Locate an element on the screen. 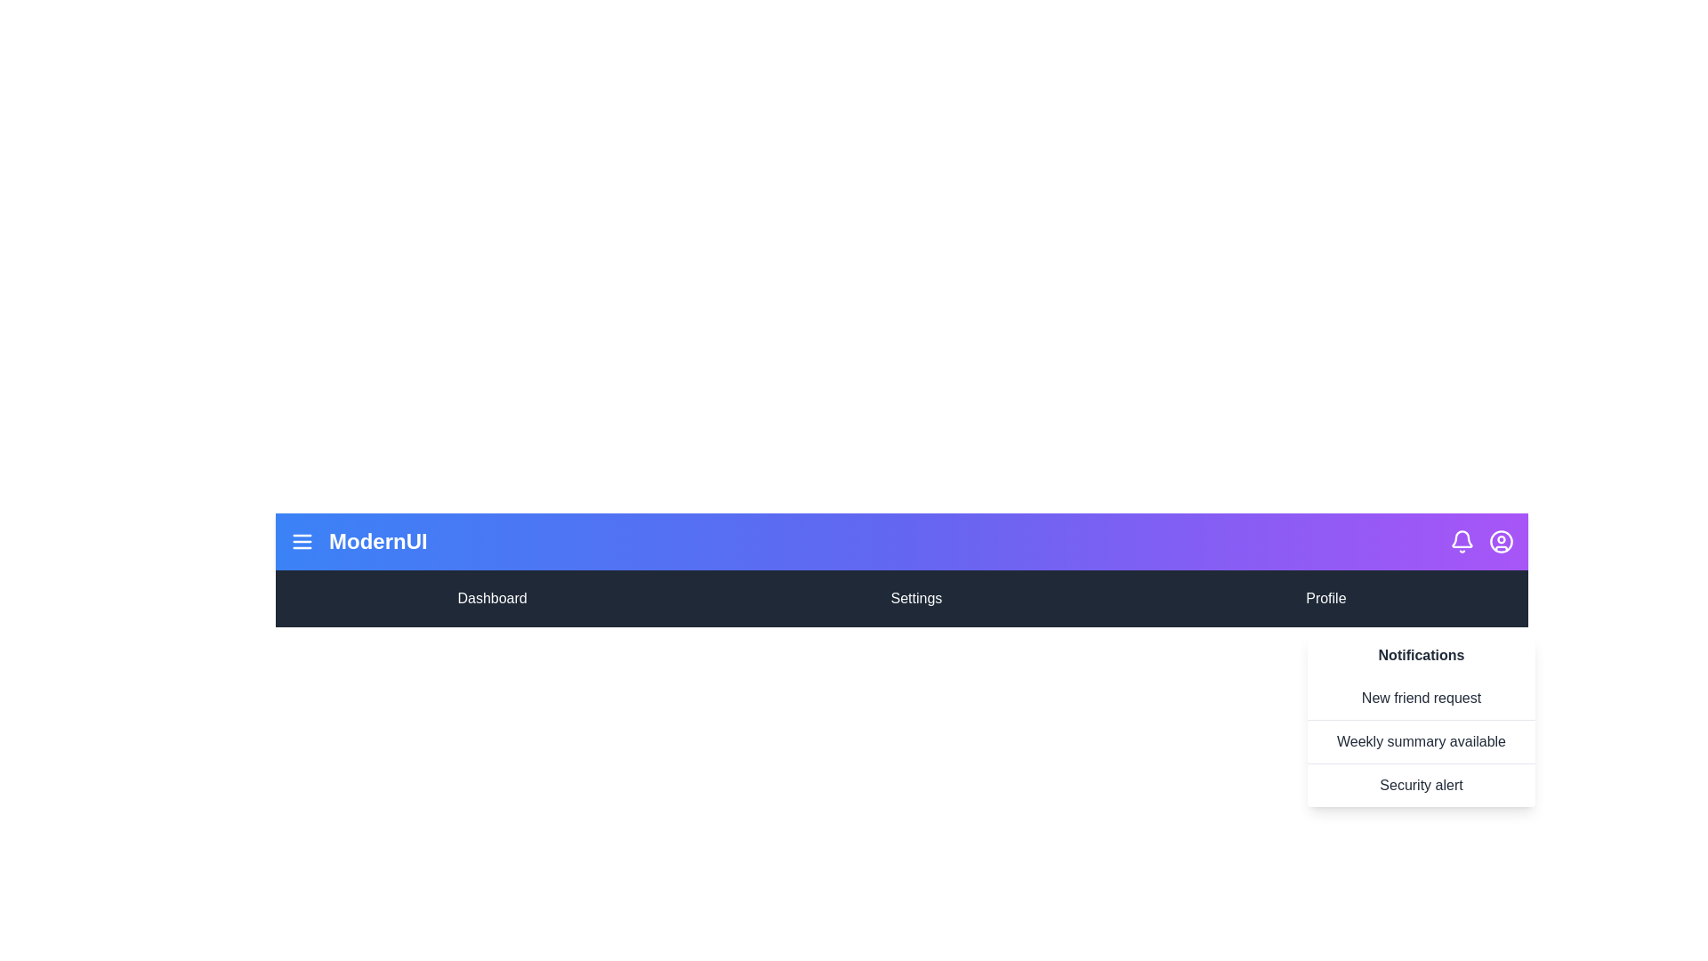 The image size is (1708, 961). the bell icon is located at coordinates (1462, 541).